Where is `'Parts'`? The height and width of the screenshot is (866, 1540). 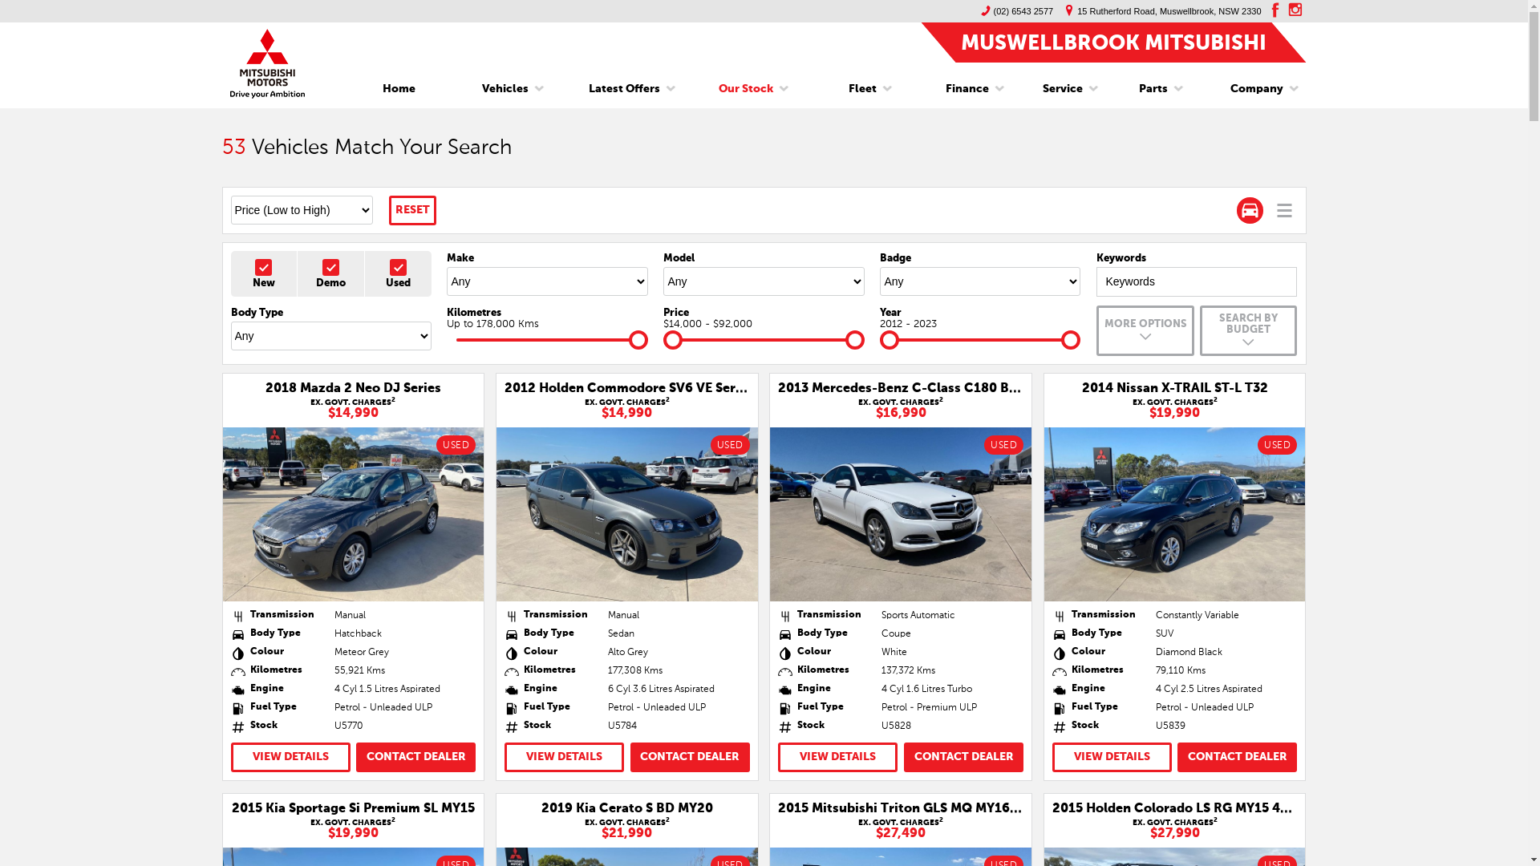
'Parts' is located at coordinates (1153, 89).